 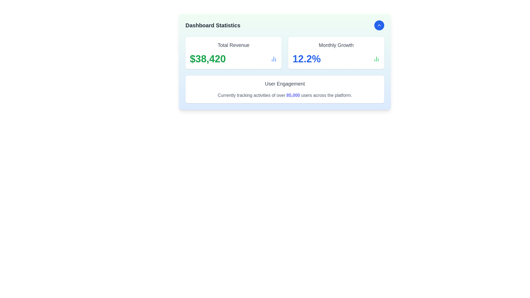 What do you see at coordinates (233, 45) in the screenshot?
I see `the 'Total Revenue' text label, which is a bold, medium-sized gray font located above the revenue amount in the upper-left area of the dashboard` at bounding box center [233, 45].